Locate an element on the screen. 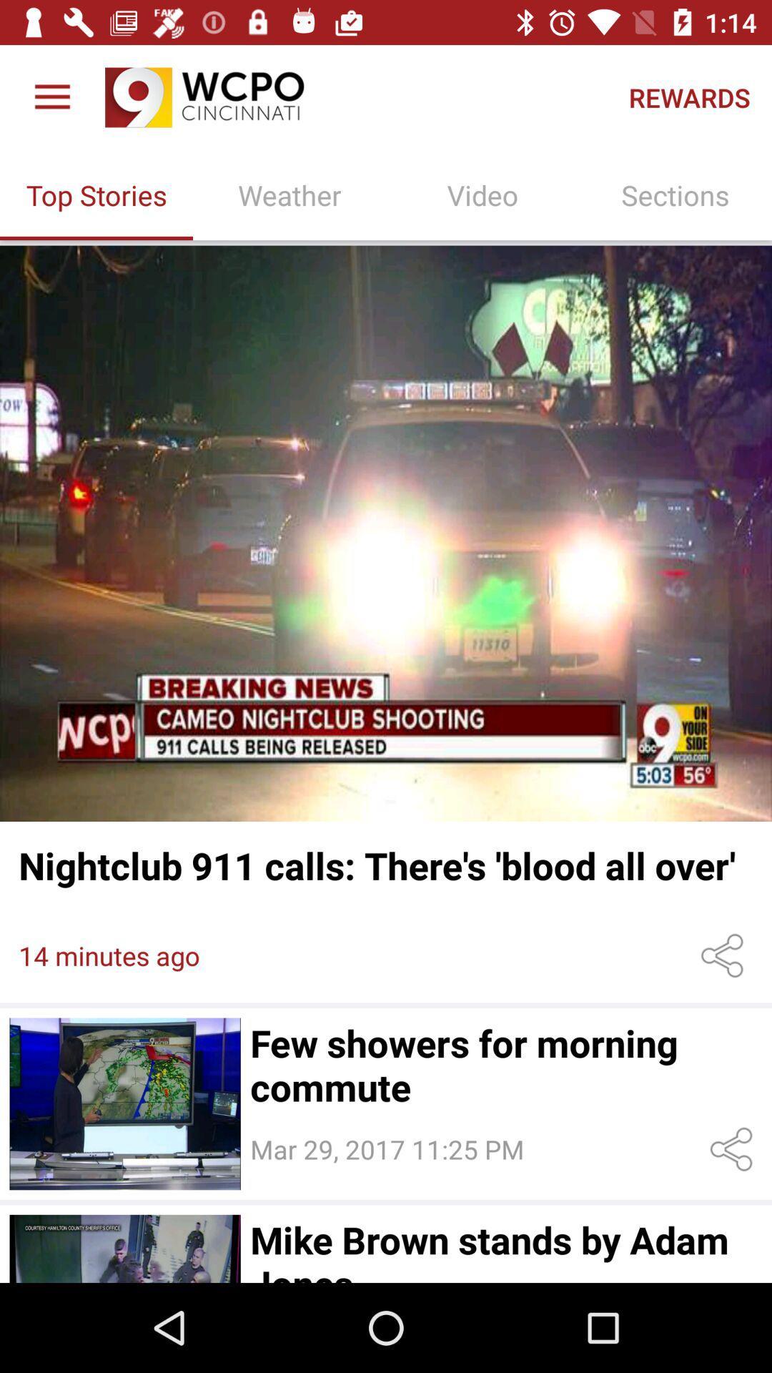 The height and width of the screenshot is (1373, 772). share article is located at coordinates (725, 955).